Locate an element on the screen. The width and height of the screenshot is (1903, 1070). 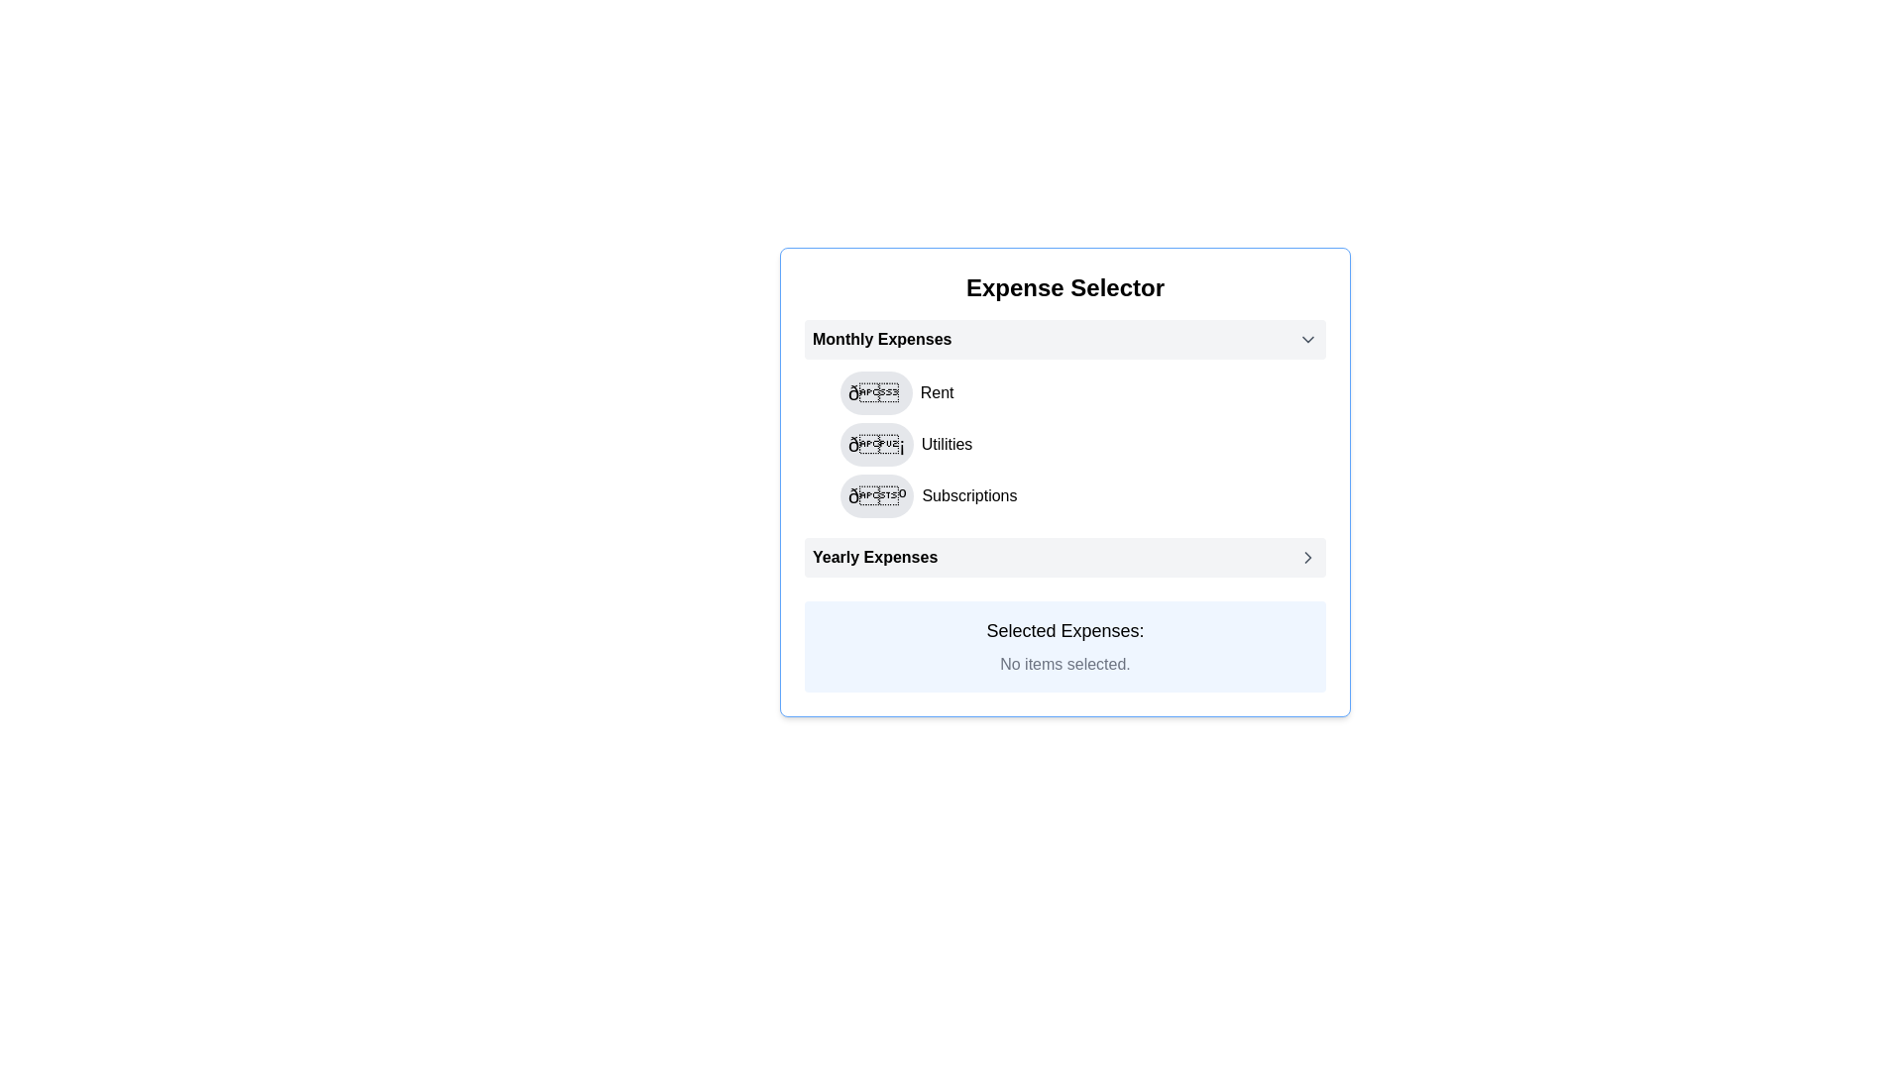
the 'Yearly Expenses' text label, which is a bold black heading located at the bottom of a list containing 'Rent', 'Utilities', and 'Subscriptions' is located at coordinates (874, 558).